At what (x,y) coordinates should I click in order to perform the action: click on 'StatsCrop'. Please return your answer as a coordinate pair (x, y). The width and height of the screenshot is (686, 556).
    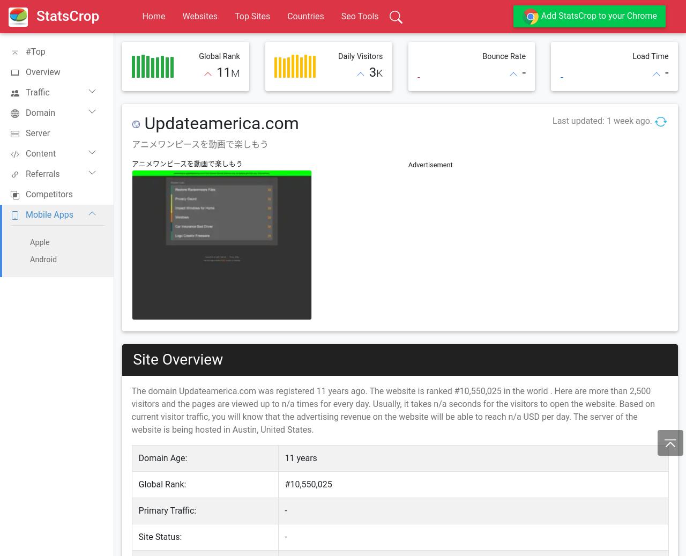
    Looking at the image, I should click on (67, 15).